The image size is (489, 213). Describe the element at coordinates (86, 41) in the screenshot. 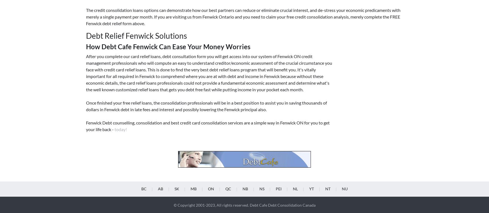

I see `'Fenwick Debt counselling, consolidation and best credit card consolidation services are a simple way in Fenwick ON for you to get your life back -'` at that location.